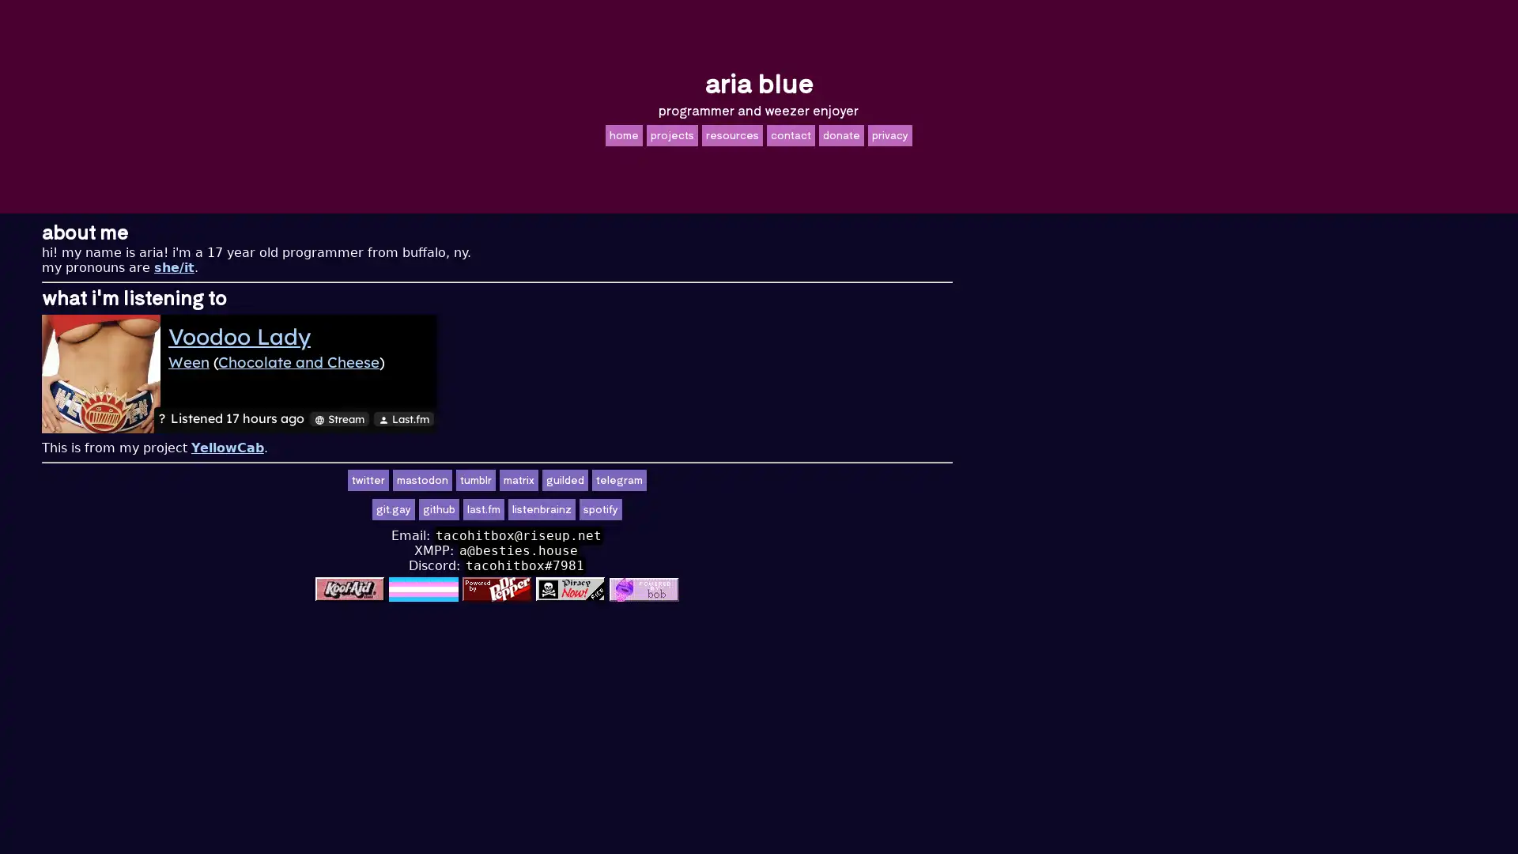 The width and height of the screenshot is (1518, 854). Describe the element at coordinates (622, 134) in the screenshot. I see `home` at that location.